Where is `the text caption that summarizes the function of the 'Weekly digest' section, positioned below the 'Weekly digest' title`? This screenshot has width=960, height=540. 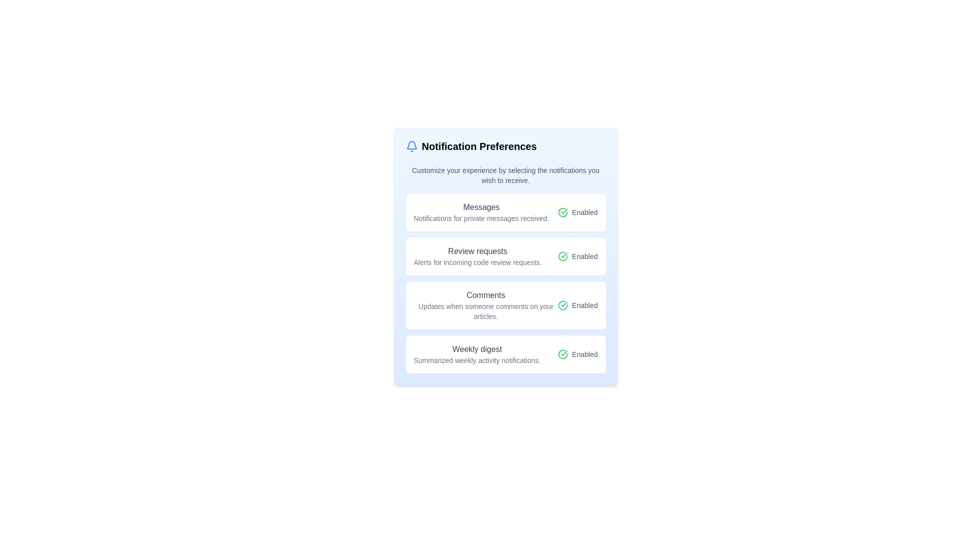
the text caption that summarizes the function of the 'Weekly digest' section, positioned below the 'Weekly digest' title is located at coordinates (476, 360).